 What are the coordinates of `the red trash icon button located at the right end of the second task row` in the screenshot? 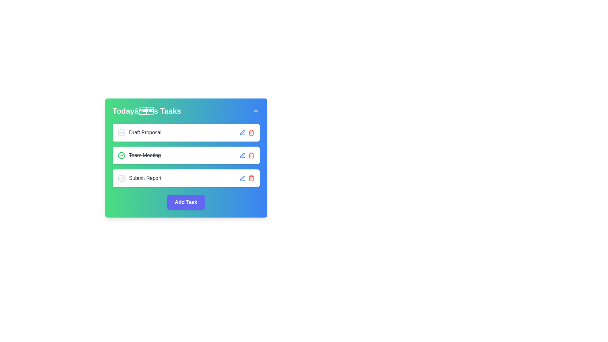 It's located at (251, 155).